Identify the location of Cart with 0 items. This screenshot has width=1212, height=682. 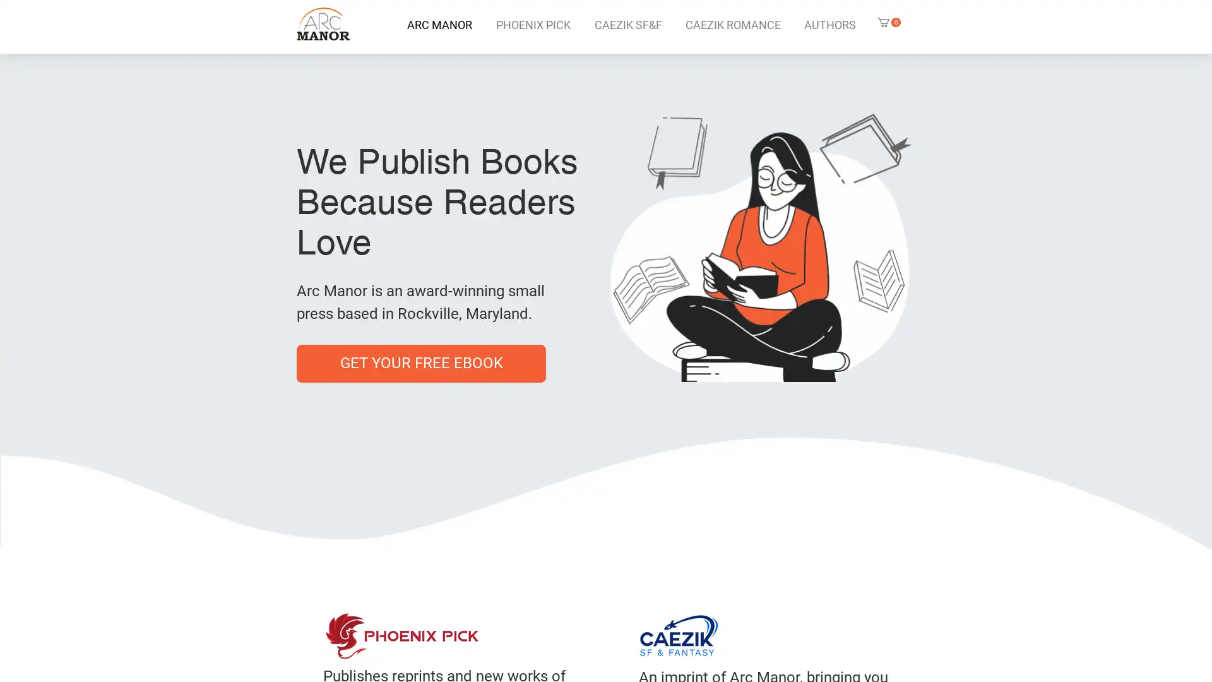
(888, 22).